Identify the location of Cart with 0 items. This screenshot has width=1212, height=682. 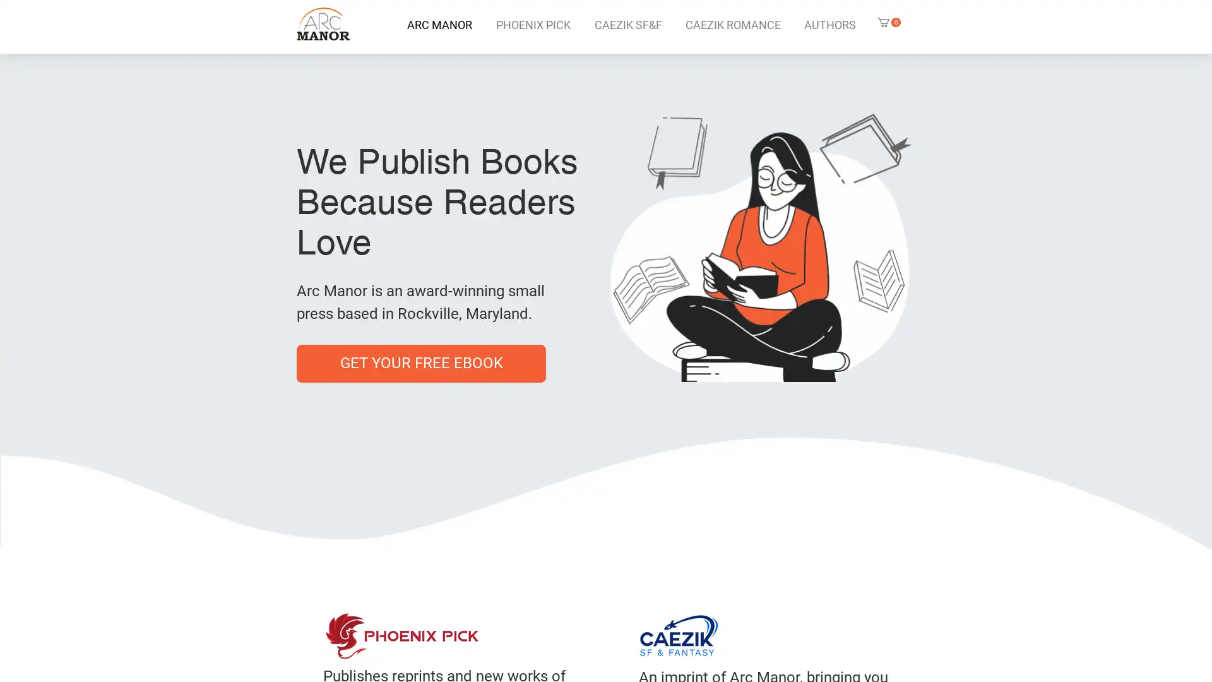
(888, 22).